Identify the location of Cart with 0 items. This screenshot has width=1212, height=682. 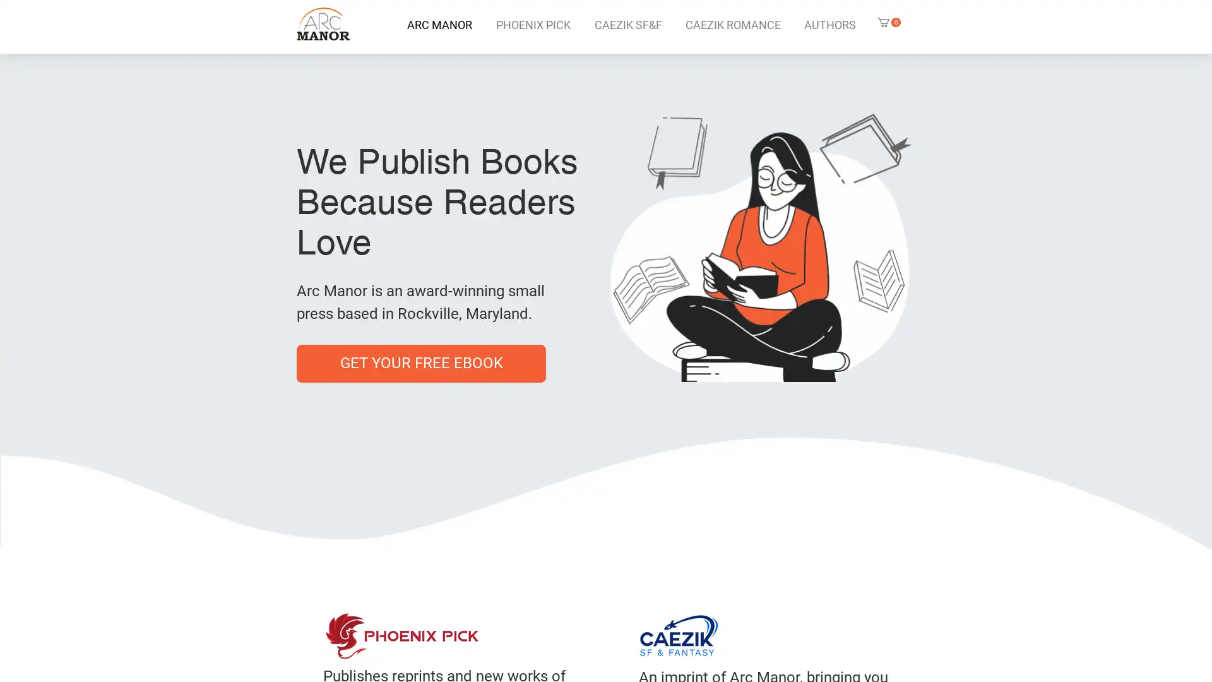
(888, 22).